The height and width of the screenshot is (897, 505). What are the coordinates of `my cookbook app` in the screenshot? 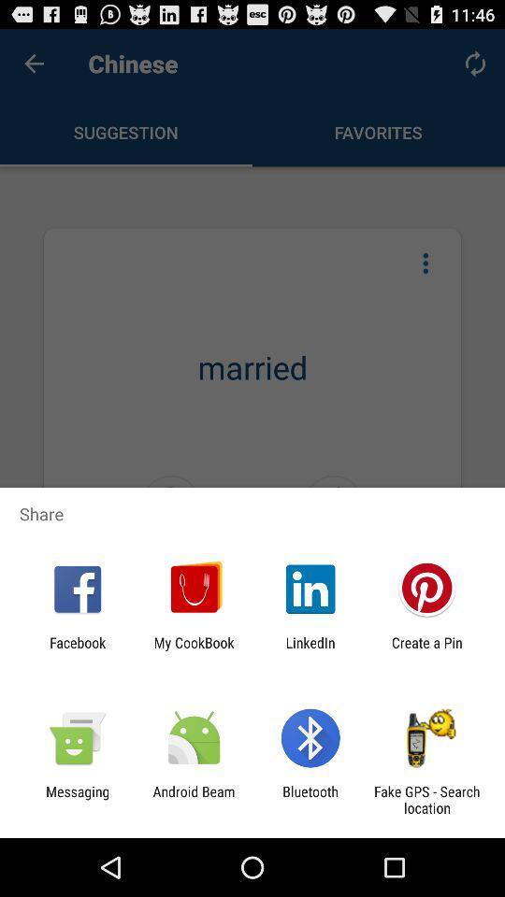 It's located at (193, 650).